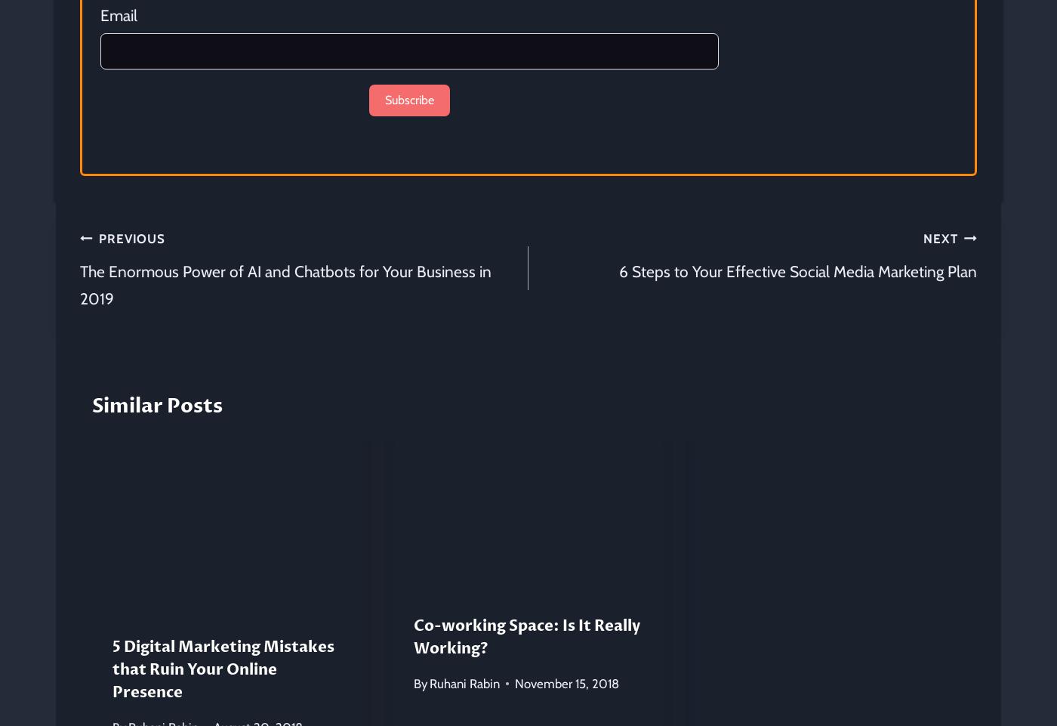  What do you see at coordinates (566, 682) in the screenshot?
I see `'November 15, 2018'` at bounding box center [566, 682].